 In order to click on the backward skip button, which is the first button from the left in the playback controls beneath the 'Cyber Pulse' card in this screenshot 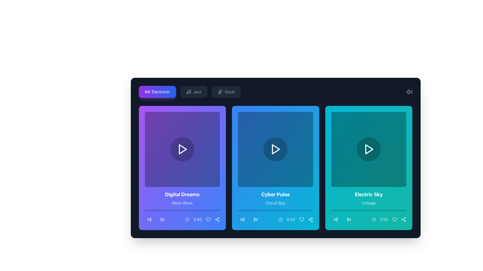, I will do `click(243, 219)`.